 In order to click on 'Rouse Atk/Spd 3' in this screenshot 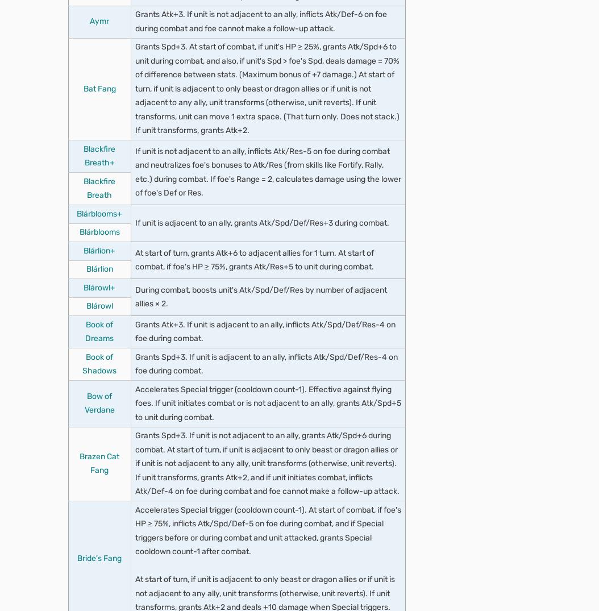, I will do `click(118, 271)`.